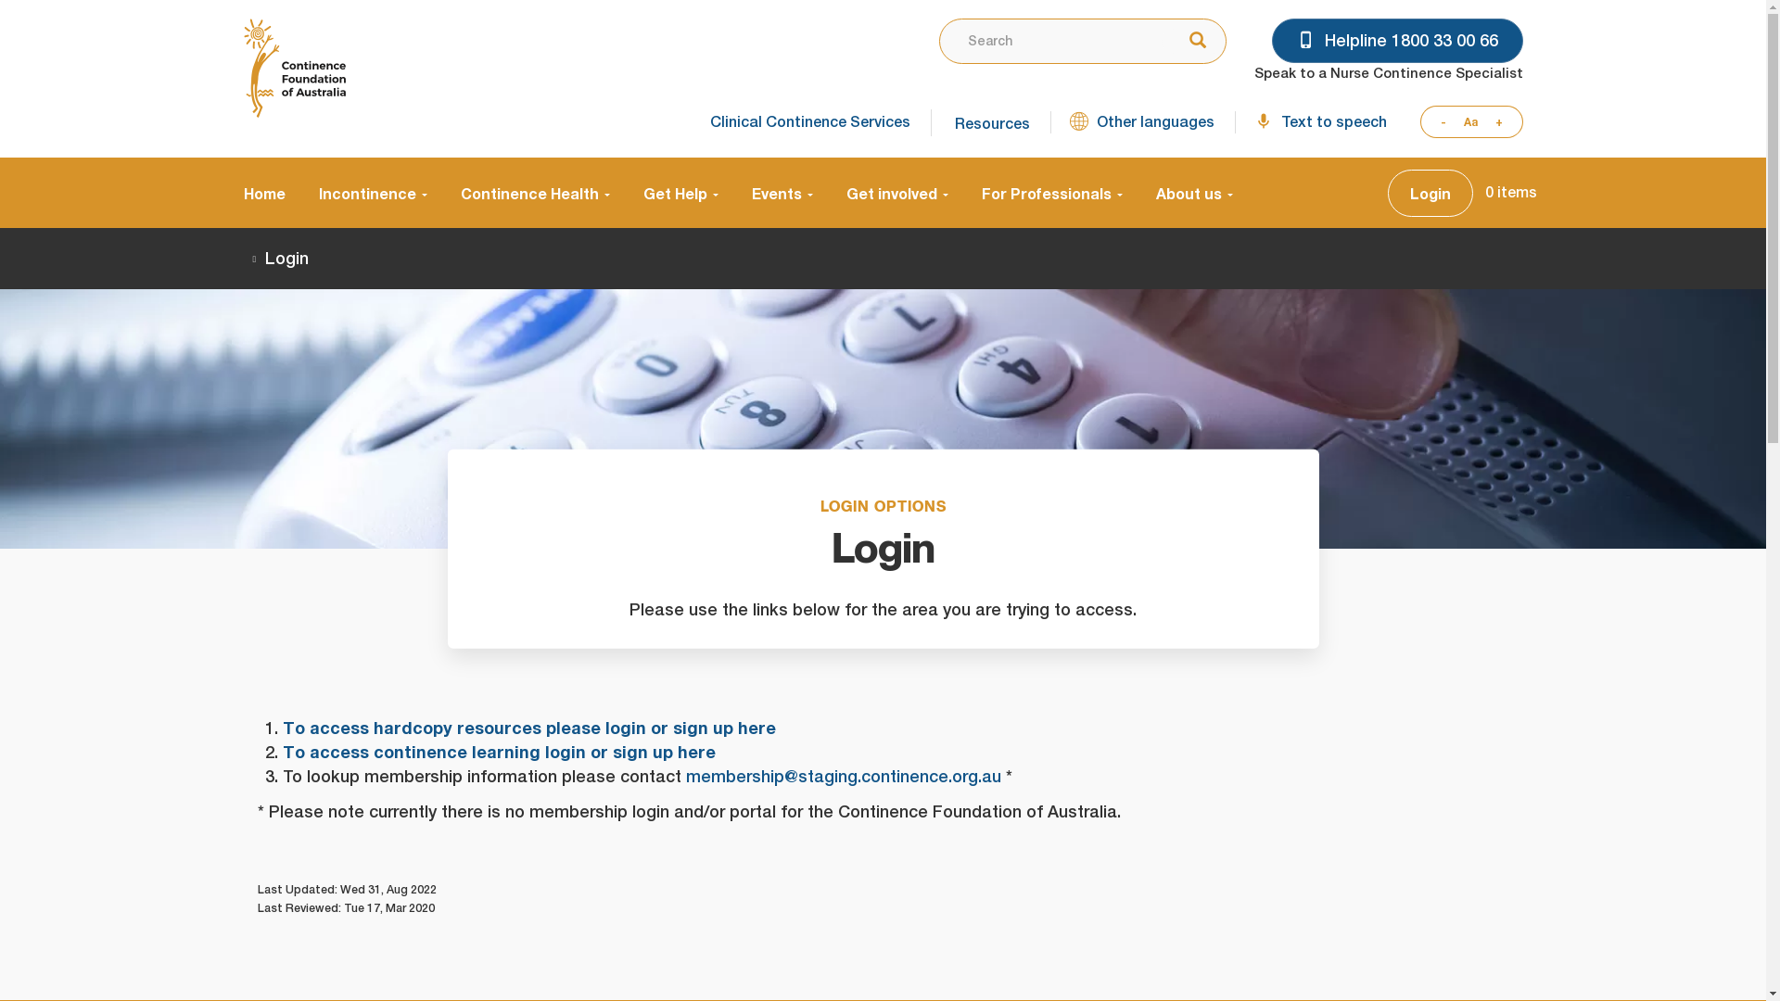  What do you see at coordinates (1453, 121) in the screenshot?
I see `'Aa'` at bounding box center [1453, 121].